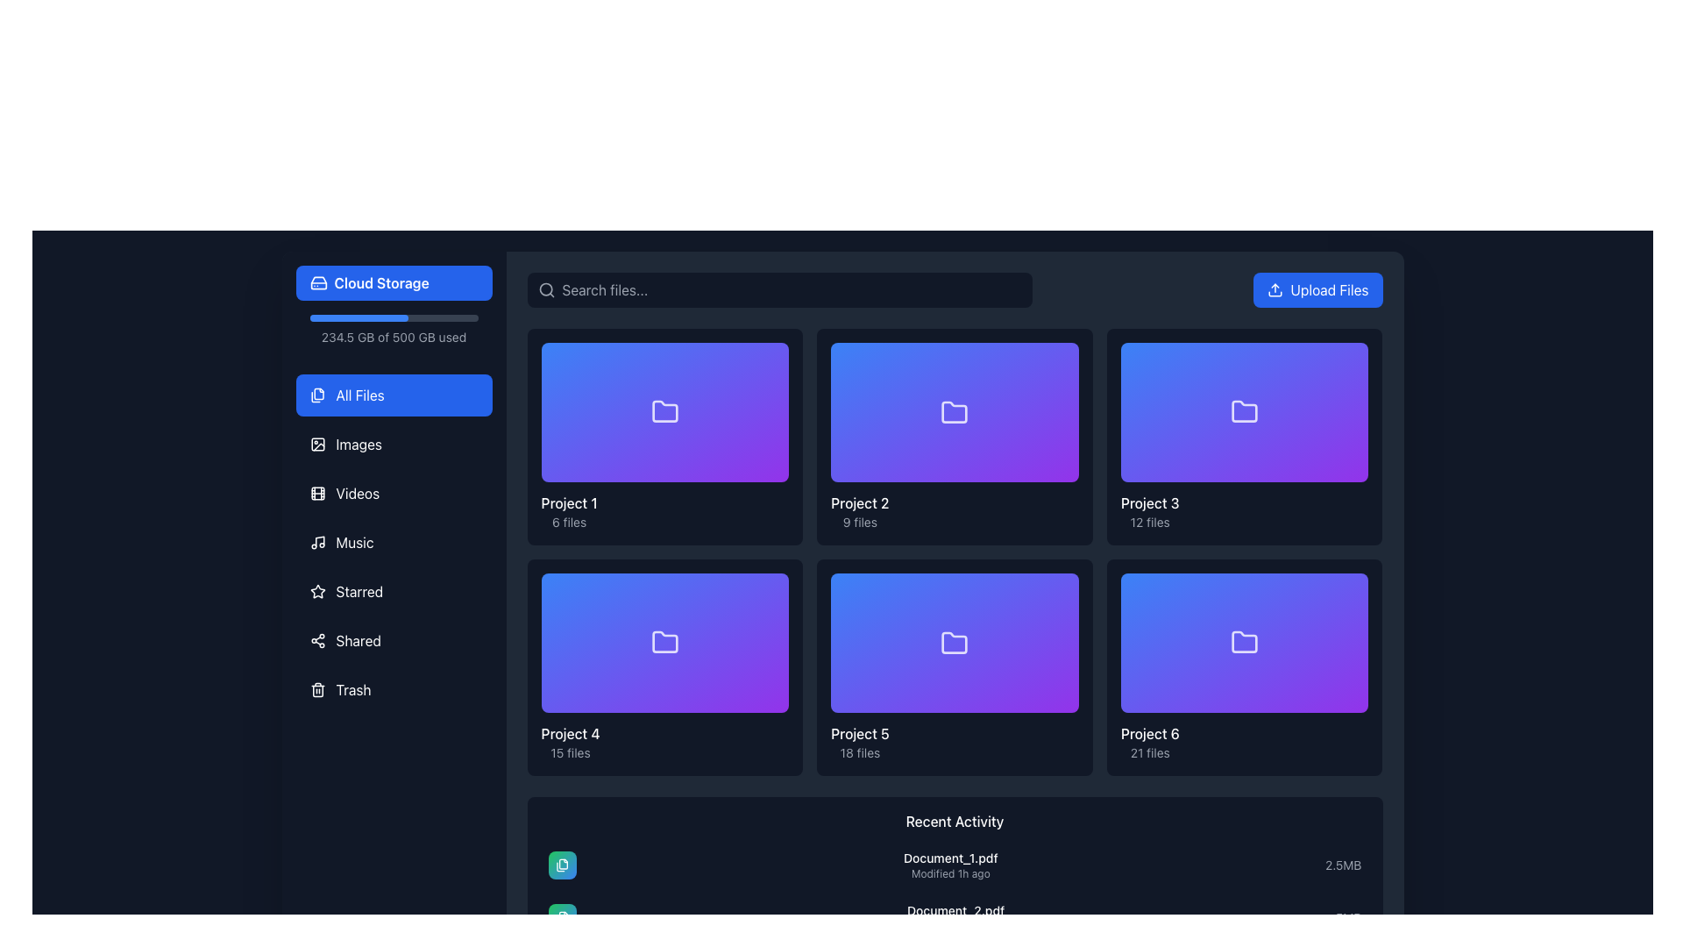  Describe the element at coordinates (1244, 667) in the screenshot. I see `the 'Project 6' Folder card located at the bottom right corner of the grid layout` at that location.